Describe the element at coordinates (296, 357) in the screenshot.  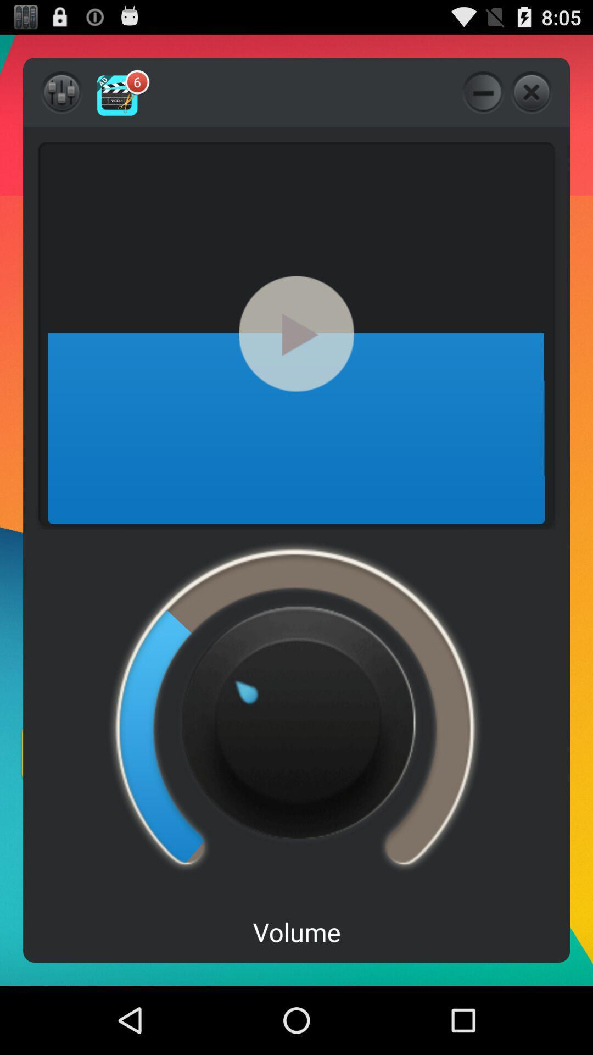
I see `the play icon` at that location.